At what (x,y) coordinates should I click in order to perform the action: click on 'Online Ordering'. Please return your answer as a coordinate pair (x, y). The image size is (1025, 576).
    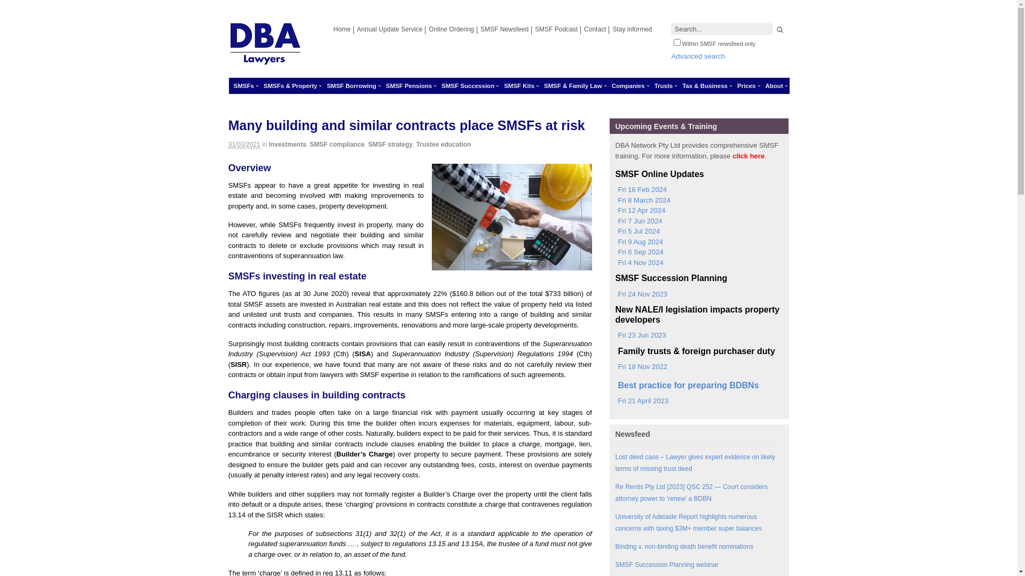
    Looking at the image, I should click on (451, 29).